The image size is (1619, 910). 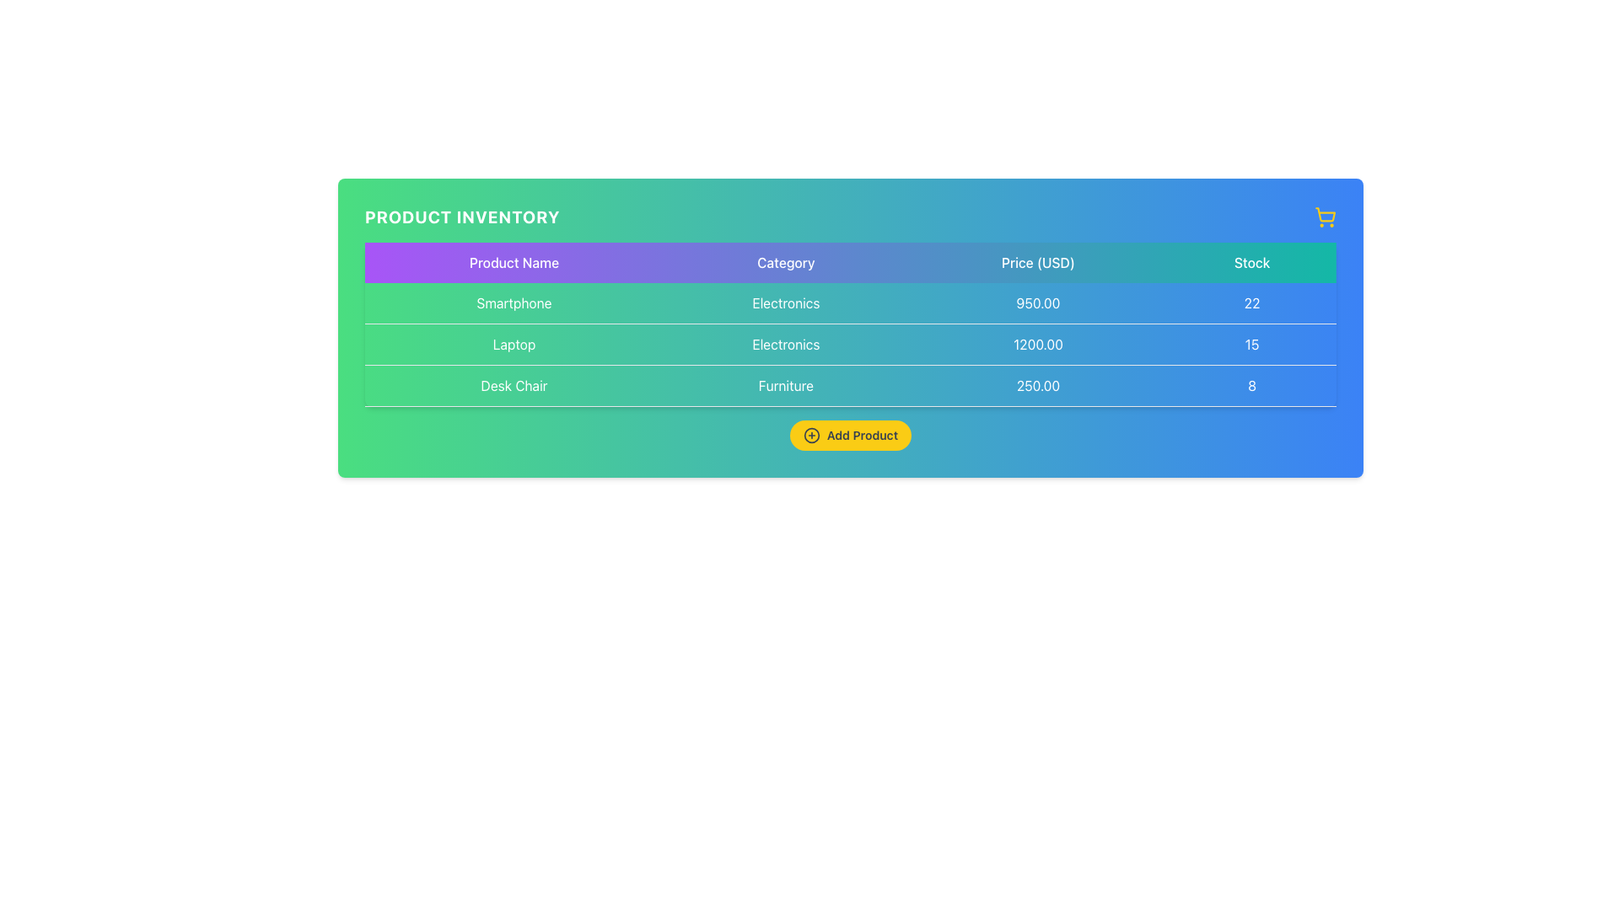 I want to click on the 'Product Name' text element in the table header which is styled with a medium-weight font and has a purple gradient background, so click(x=513, y=263).